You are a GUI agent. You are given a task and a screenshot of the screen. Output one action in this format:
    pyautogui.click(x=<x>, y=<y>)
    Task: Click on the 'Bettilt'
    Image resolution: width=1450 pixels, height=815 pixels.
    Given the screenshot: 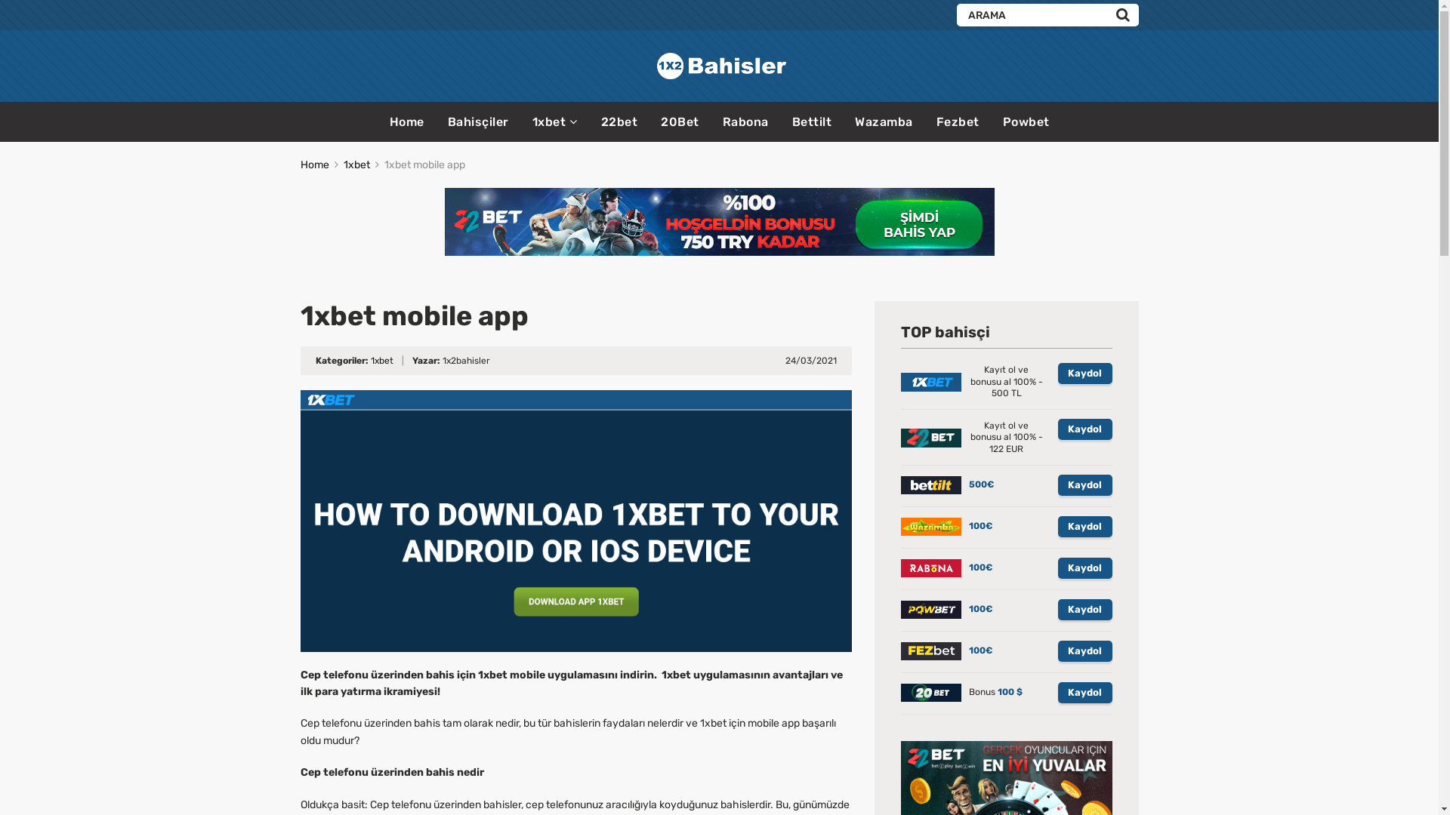 What is the action you would take?
    pyautogui.click(x=790, y=121)
    